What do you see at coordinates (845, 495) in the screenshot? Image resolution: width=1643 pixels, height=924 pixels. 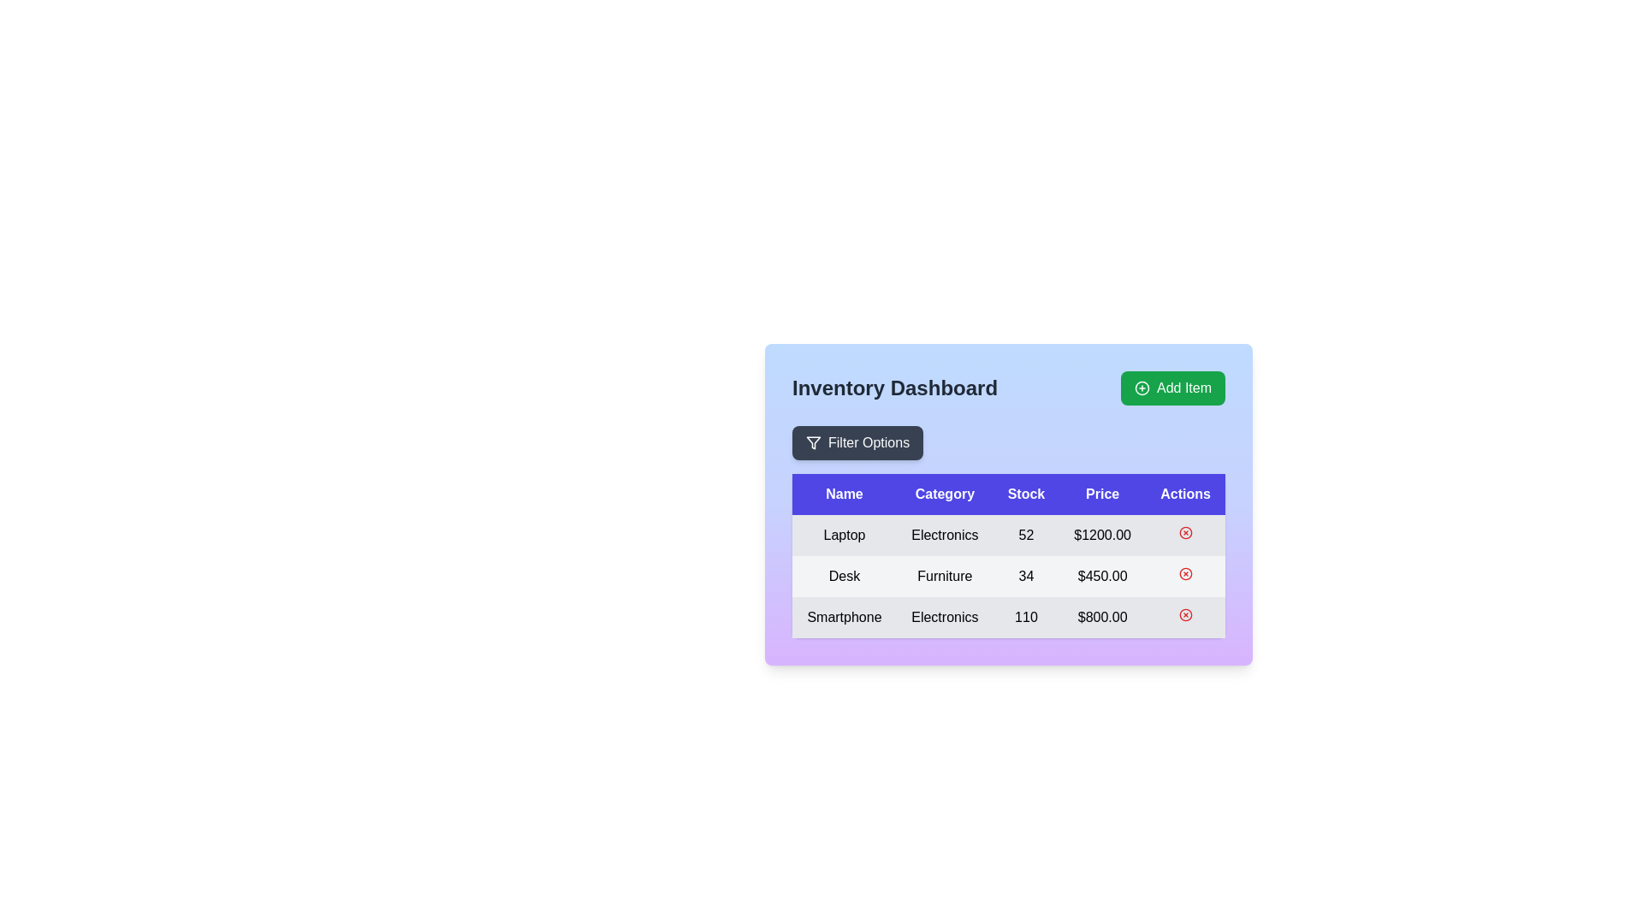 I see `column header label that indicates the names of inventory items in the table, positioned to the left of the 'Category' header` at bounding box center [845, 495].